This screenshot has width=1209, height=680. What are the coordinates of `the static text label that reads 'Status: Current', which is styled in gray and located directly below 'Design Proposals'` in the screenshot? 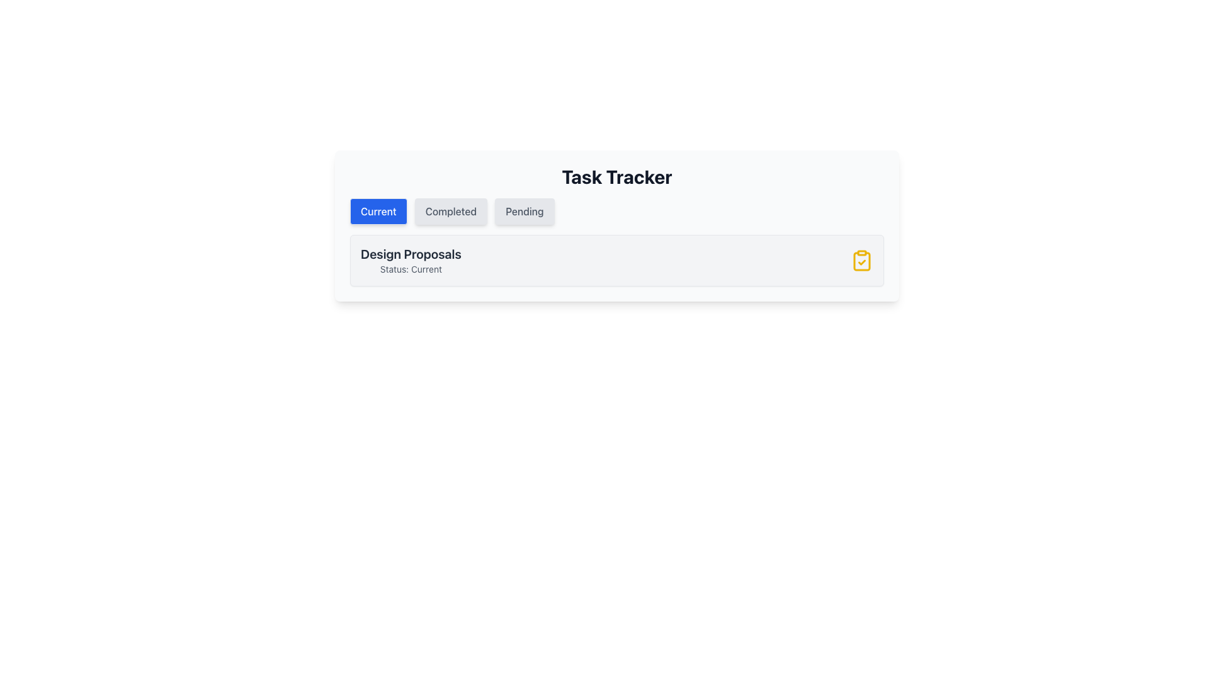 It's located at (411, 269).